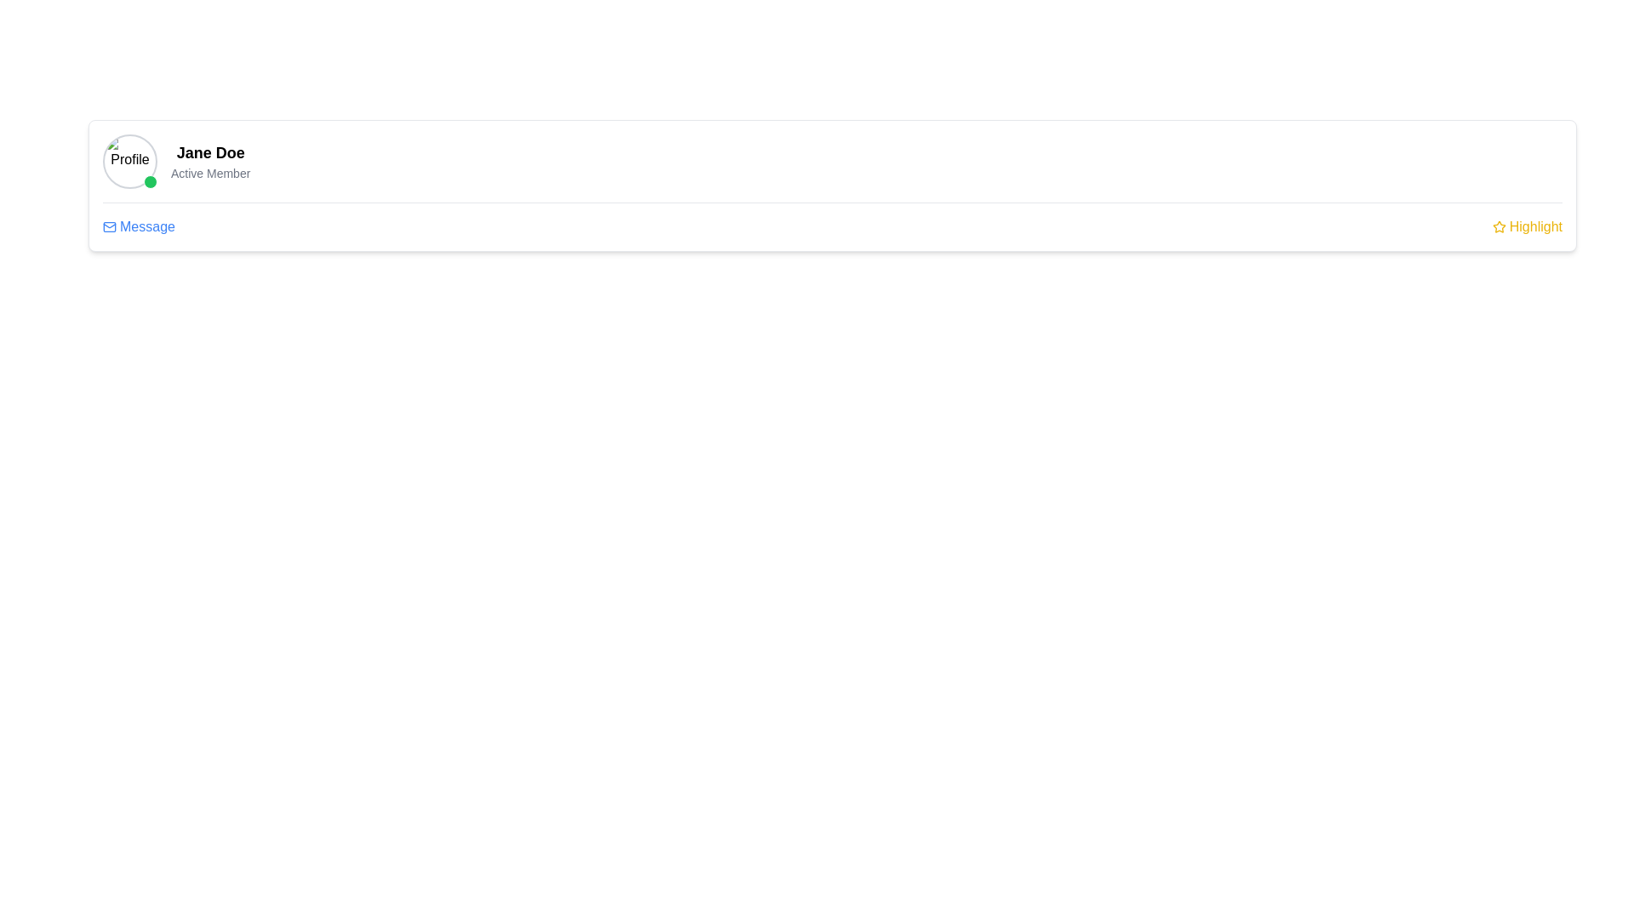 The height and width of the screenshot is (919, 1634). Describe the element at coordinates (1499, 225) in the screenshot. I see `the yellow icon that symbolizes the 'Highlight' label, positioned near the top-right corner of the interface before the word 'Highlight'` at that location.